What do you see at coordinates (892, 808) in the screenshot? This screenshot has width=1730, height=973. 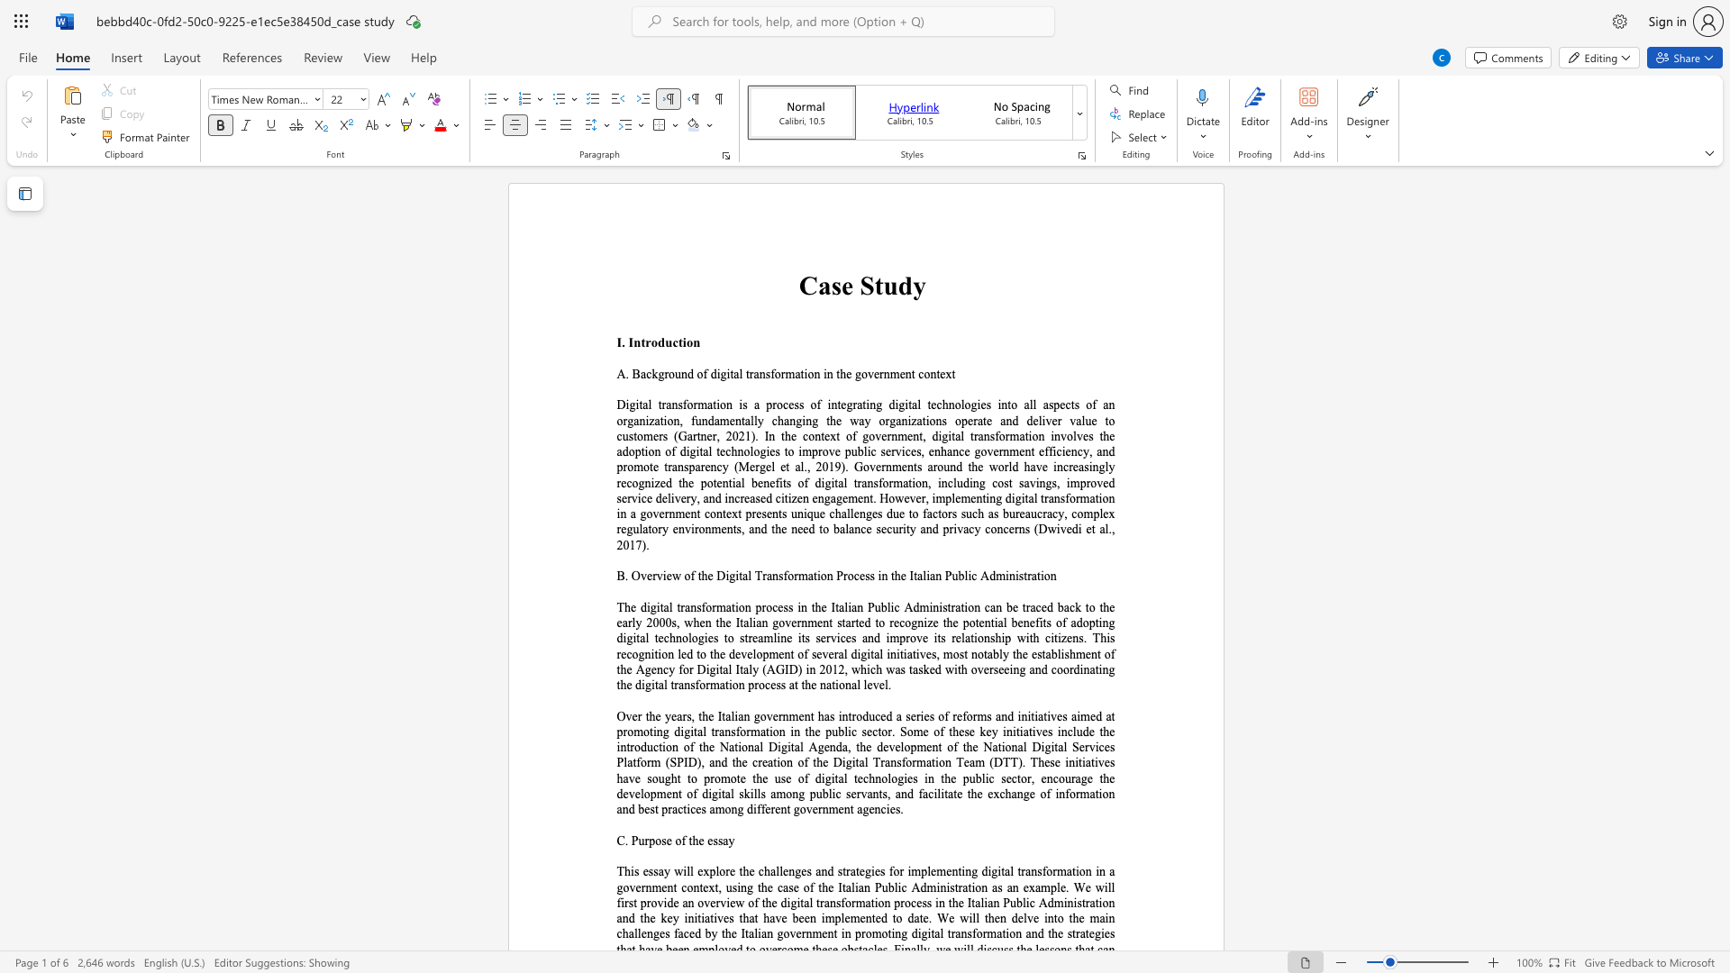 I see `the 13th character "e" in the text` at bounding box center [892, 808].